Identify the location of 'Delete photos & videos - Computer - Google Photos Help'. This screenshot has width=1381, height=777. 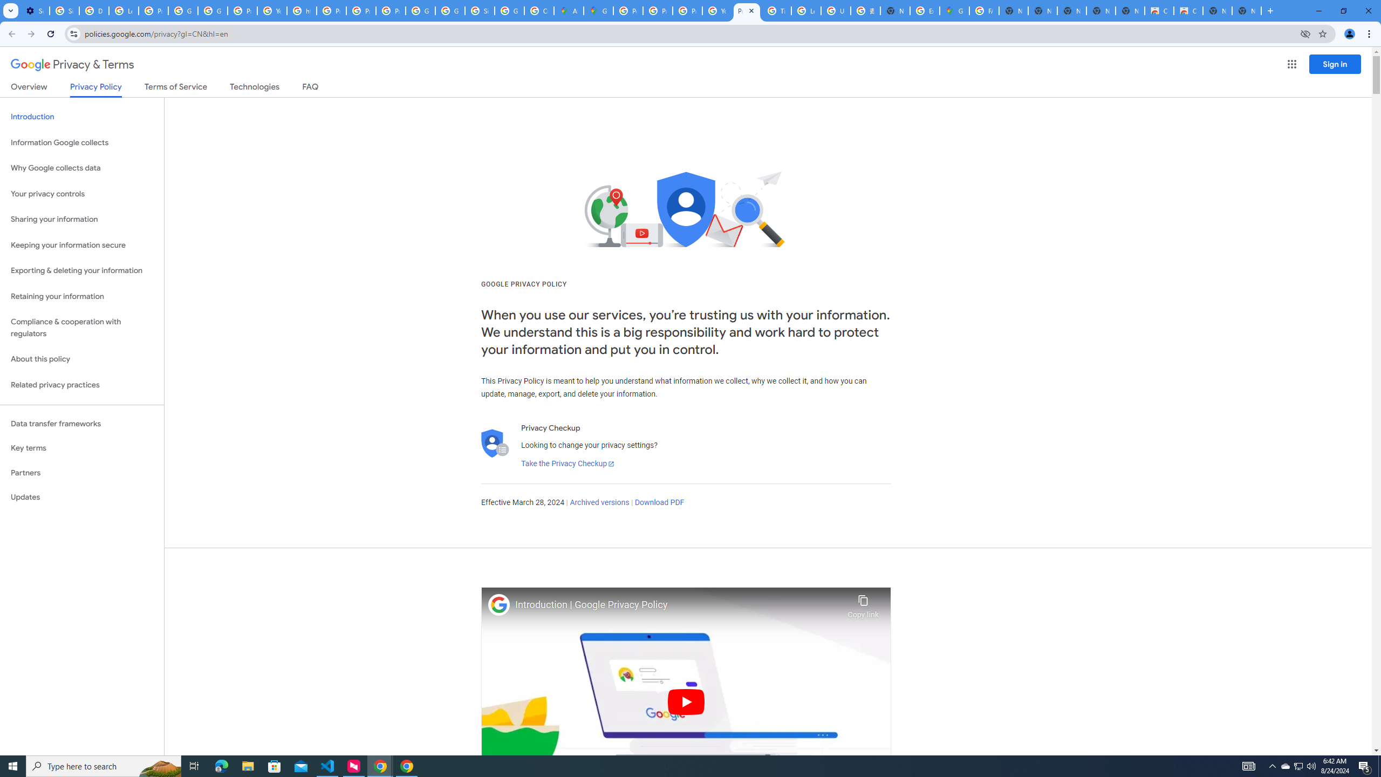
(94, 10).